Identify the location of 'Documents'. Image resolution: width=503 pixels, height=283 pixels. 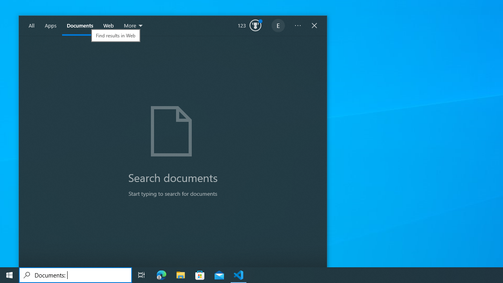
(80, 26).